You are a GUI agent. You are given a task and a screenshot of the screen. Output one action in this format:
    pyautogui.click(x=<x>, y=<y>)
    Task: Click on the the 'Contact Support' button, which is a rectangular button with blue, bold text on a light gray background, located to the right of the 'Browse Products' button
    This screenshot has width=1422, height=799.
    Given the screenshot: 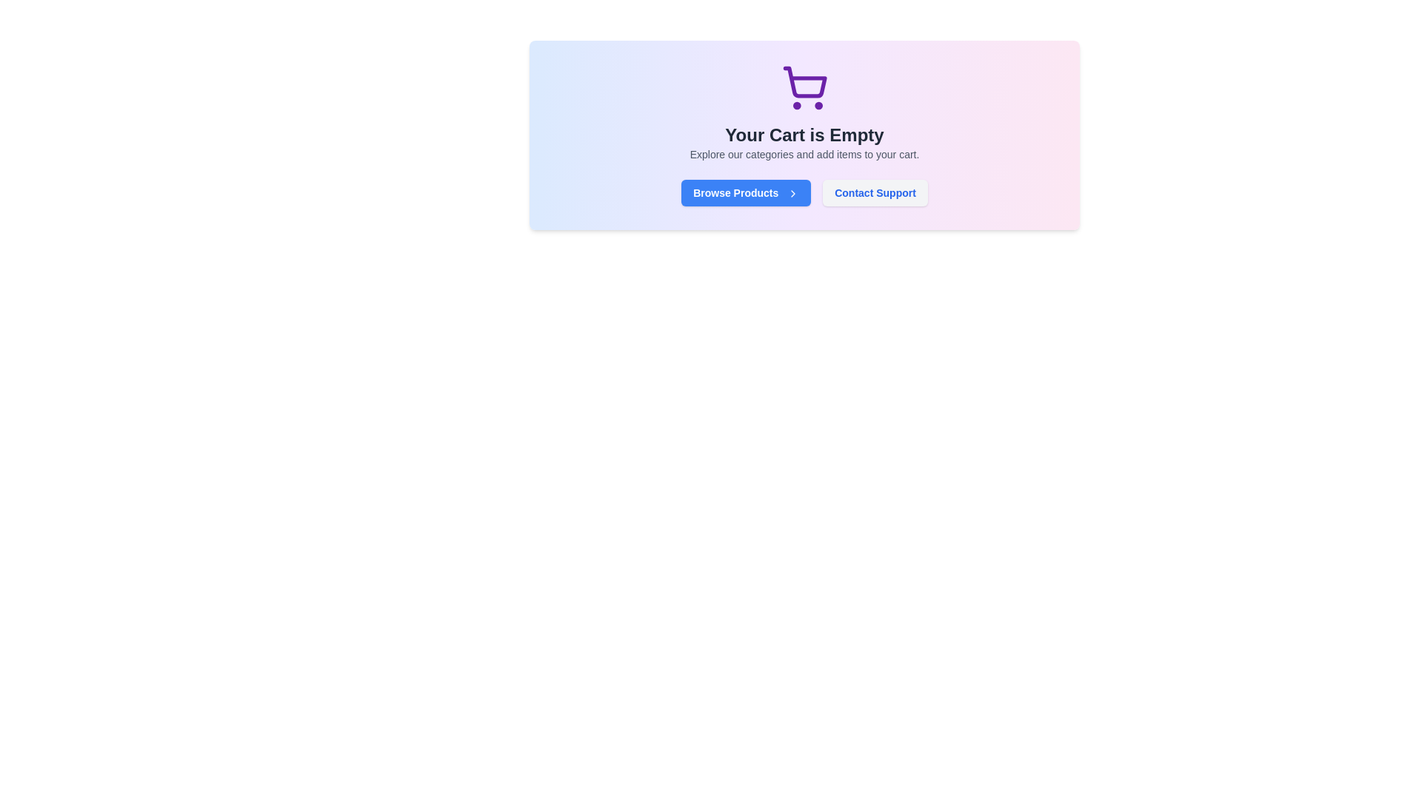 What is the action you would take?
    pyautogui.click(x=875, y=192)
    